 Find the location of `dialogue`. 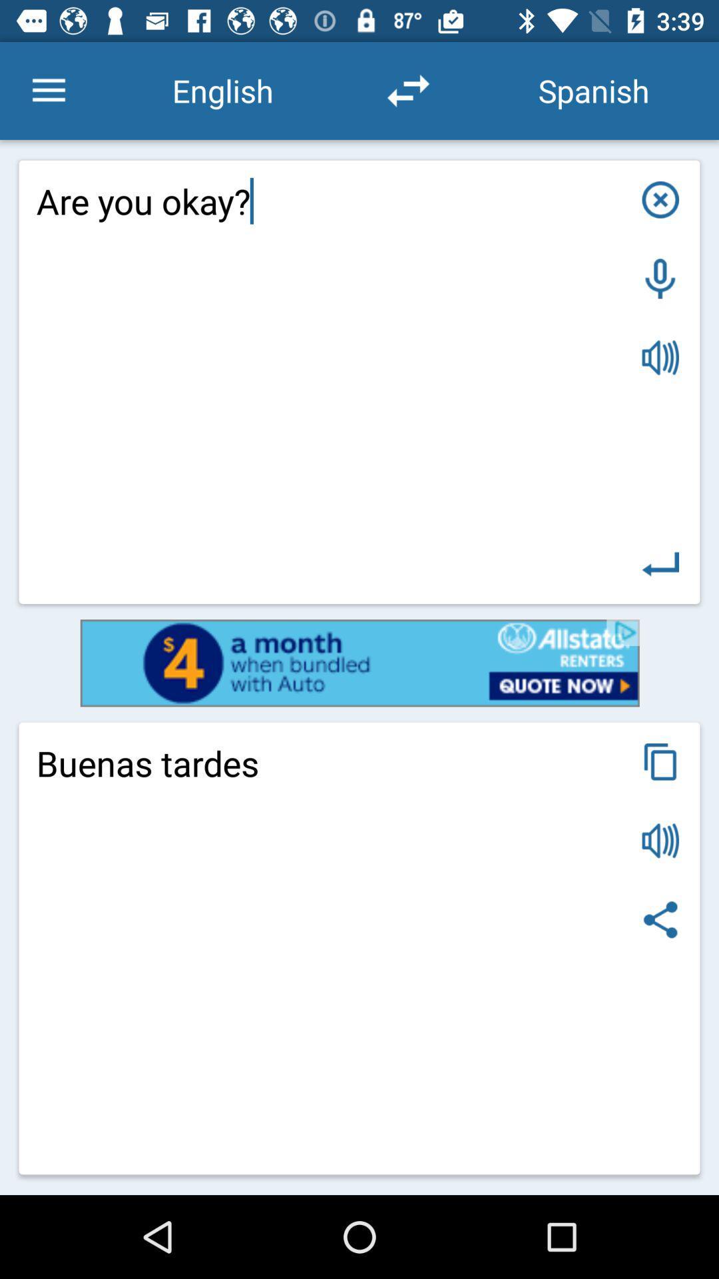

dialogue is located at coordinates (660, 199).